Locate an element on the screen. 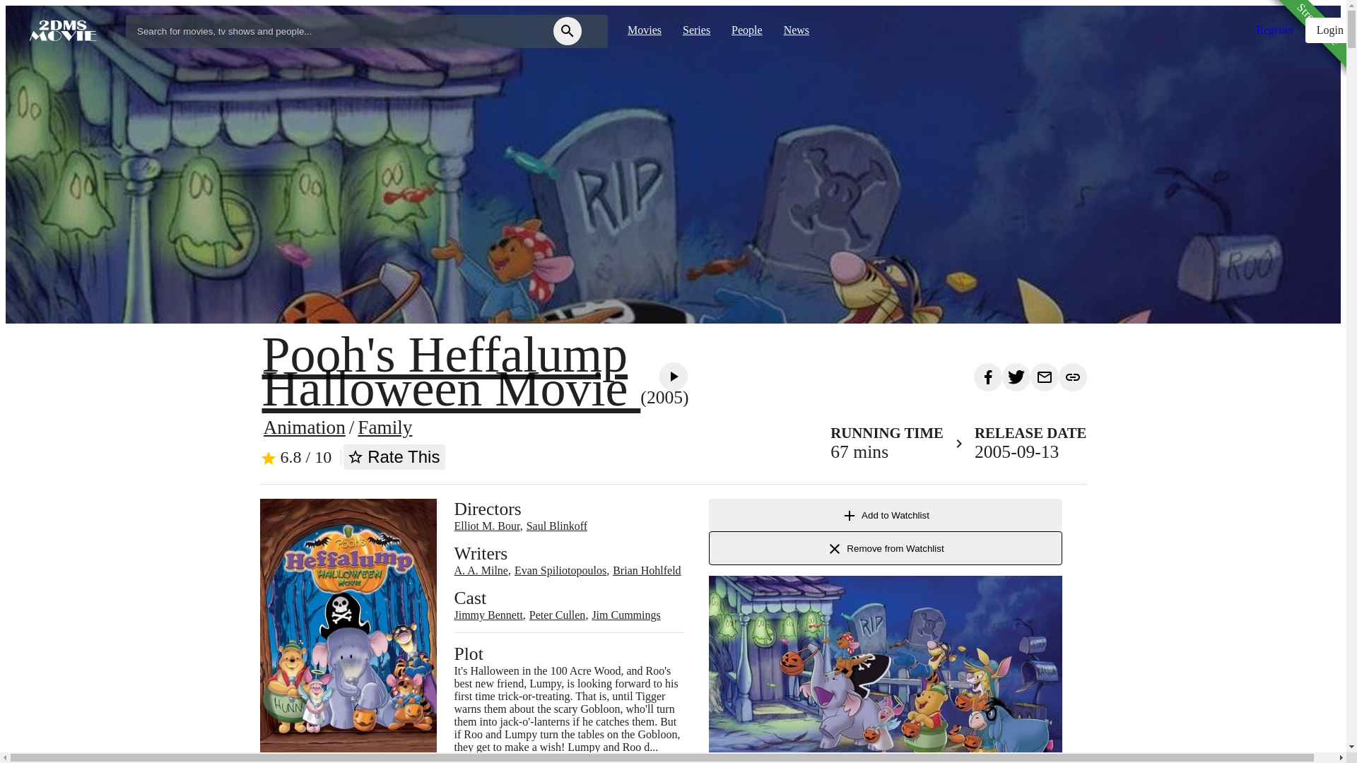 The image size is (1357, 763). 'News' is located at coordinates (797, 30).